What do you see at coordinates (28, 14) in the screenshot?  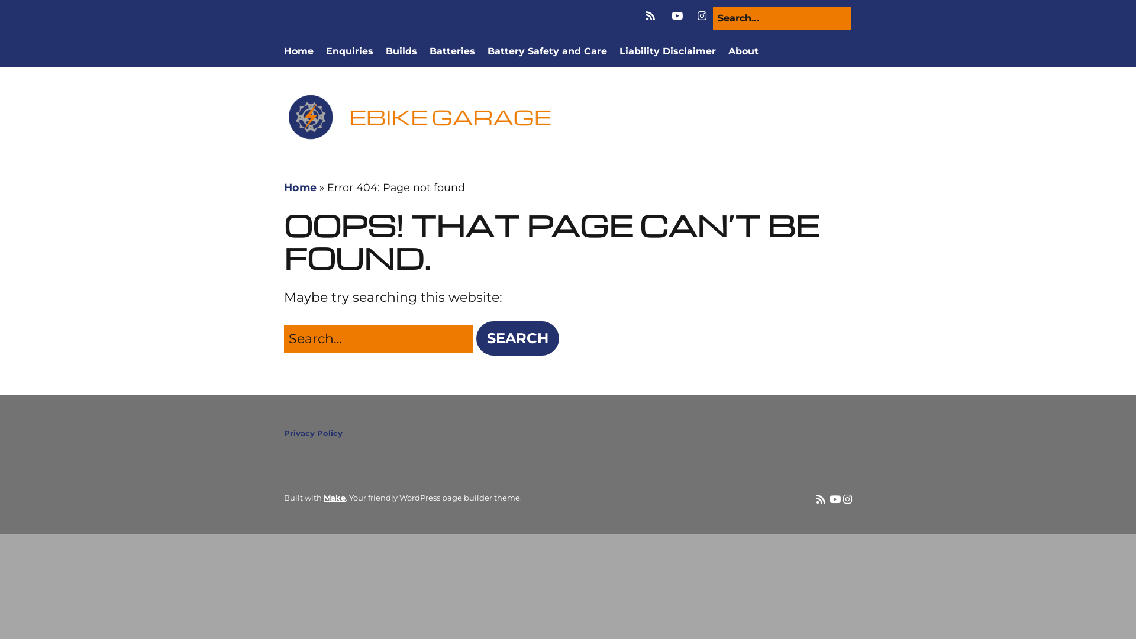 I see `'Search'` at bounding box center [28, 14].